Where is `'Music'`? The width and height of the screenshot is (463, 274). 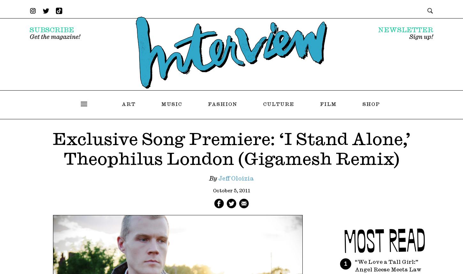 'Music' is located at coordinates (171, 104).